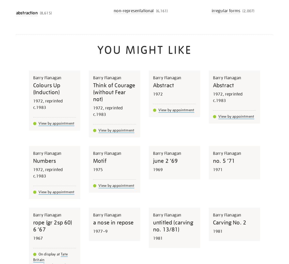 Image resolution: width=289 pixels, height=264 pixels. I want to click on '1969', so click(158, 170).